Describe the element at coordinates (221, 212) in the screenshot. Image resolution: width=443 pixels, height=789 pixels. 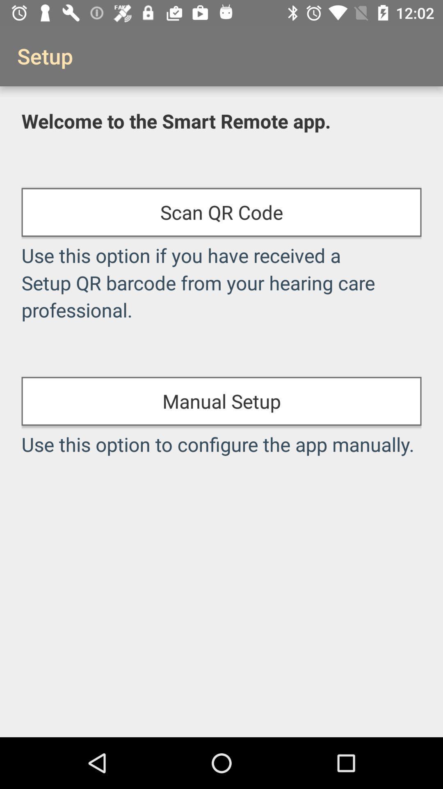
I see `the scan qr code` at that location.